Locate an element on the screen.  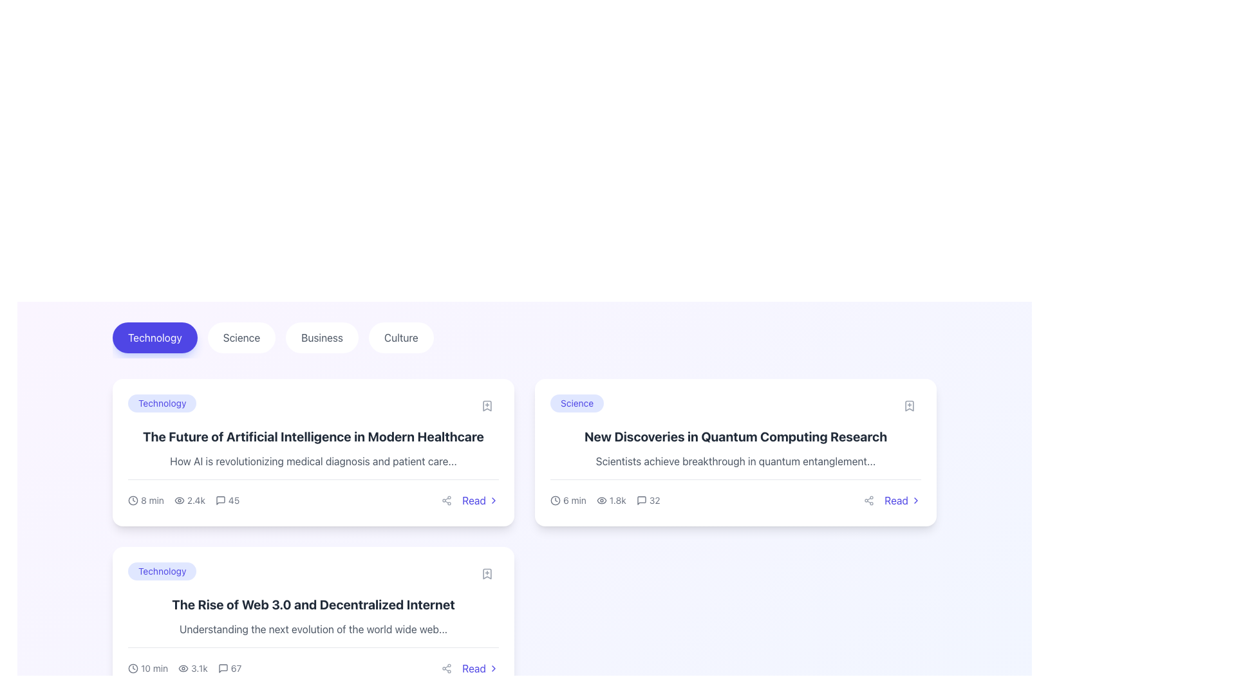
the comments icon located in the lower-left region of the article summary block to initiate related actions is located at coordinates (220, 500).